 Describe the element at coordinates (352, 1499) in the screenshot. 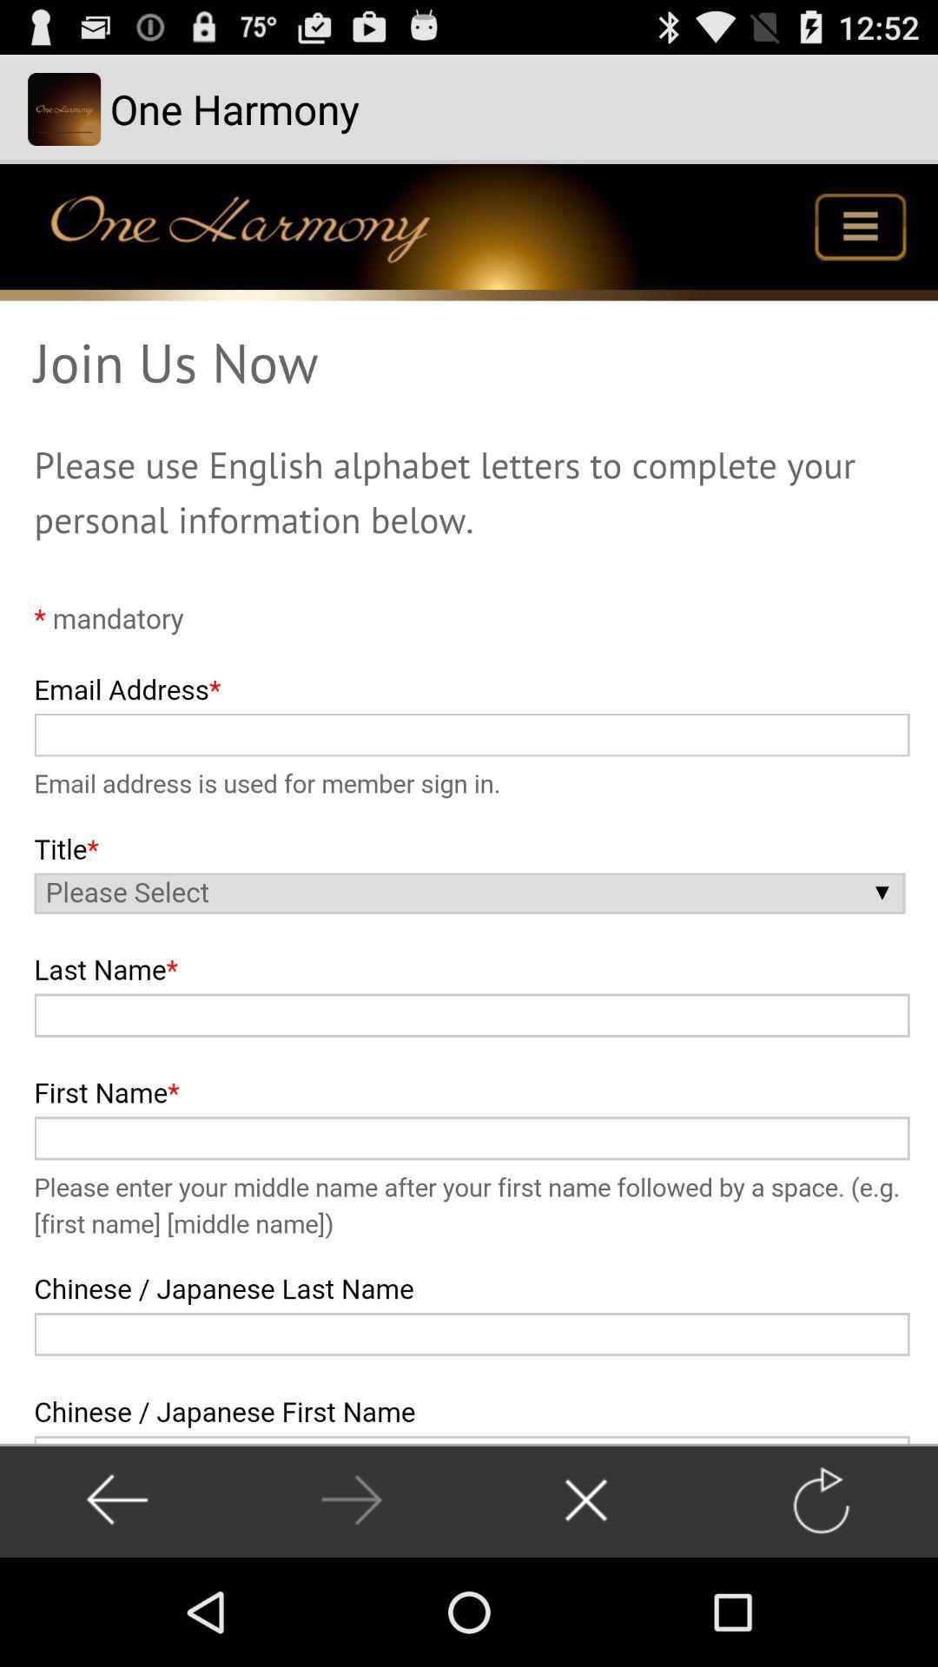

I see `go forward` at that location.